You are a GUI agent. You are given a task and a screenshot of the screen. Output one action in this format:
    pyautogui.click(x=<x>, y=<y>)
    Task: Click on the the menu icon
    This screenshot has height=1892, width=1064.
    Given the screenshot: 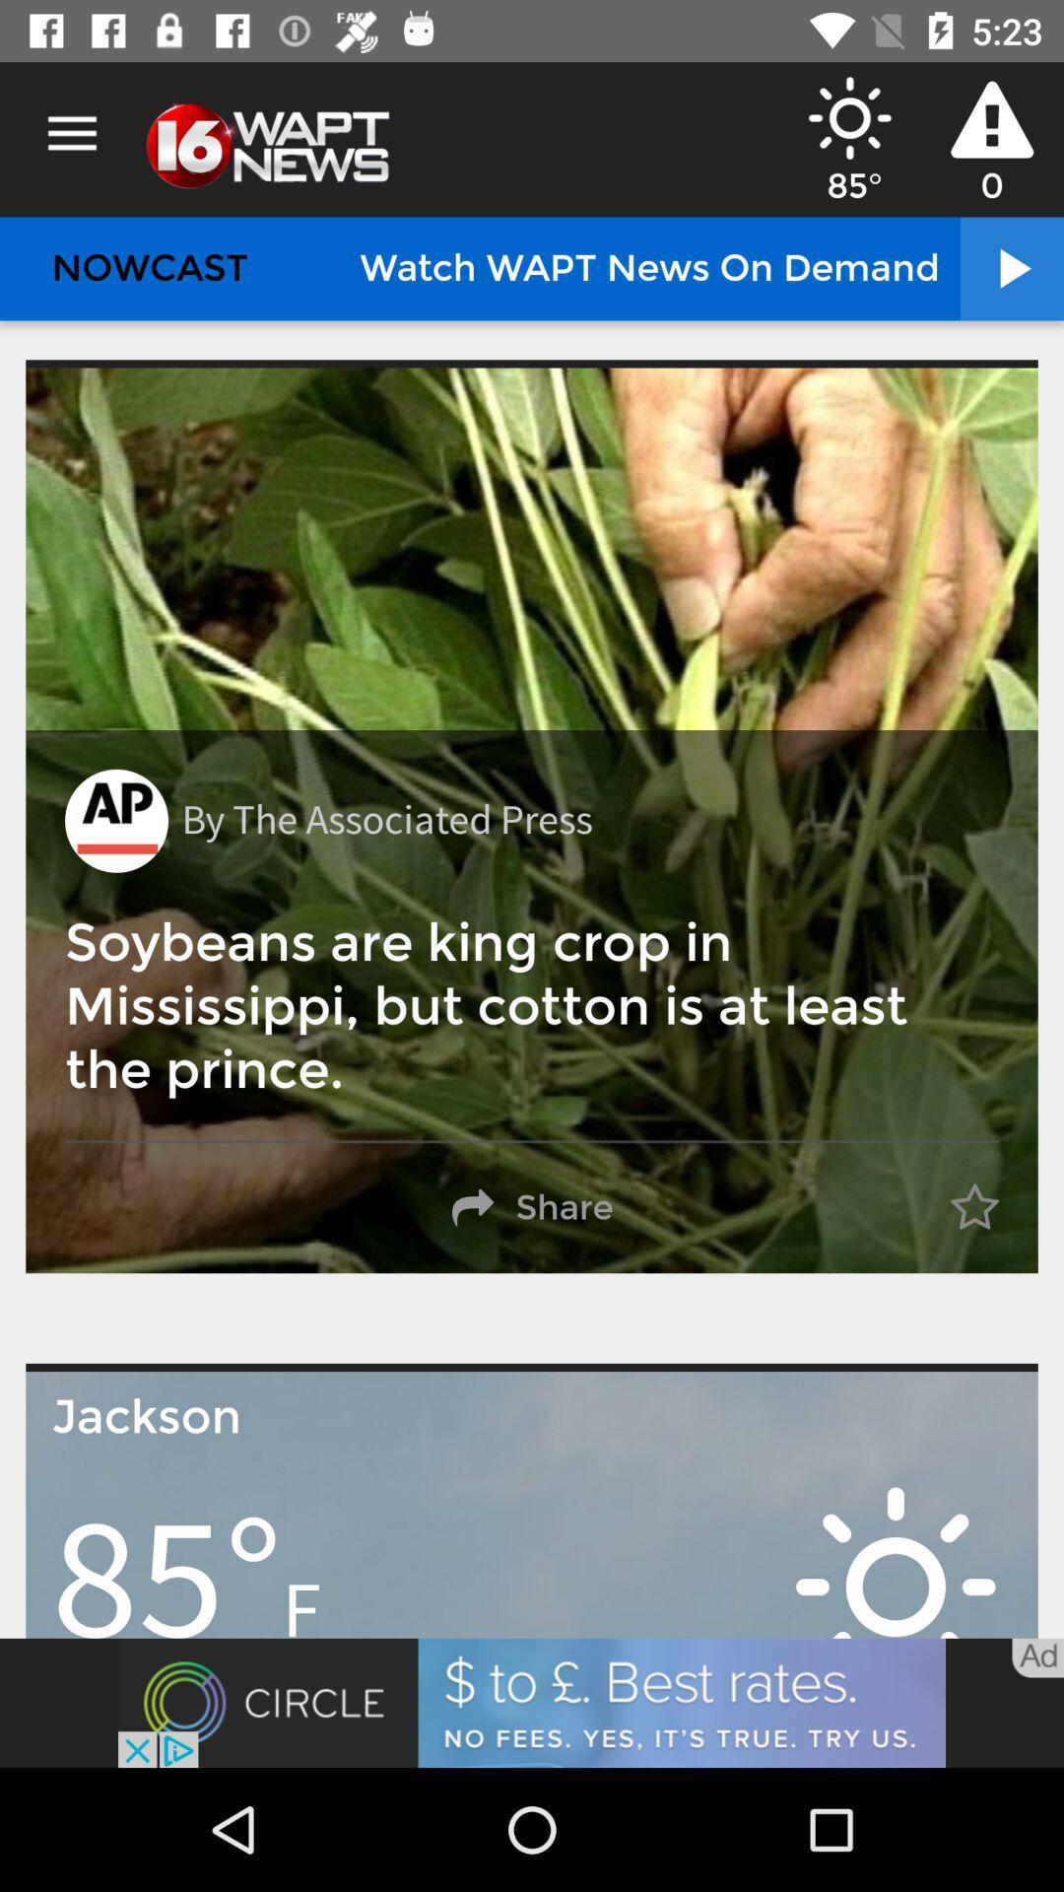 What is the action you would take?
    pyautogui.click(x=71, y=133)
    